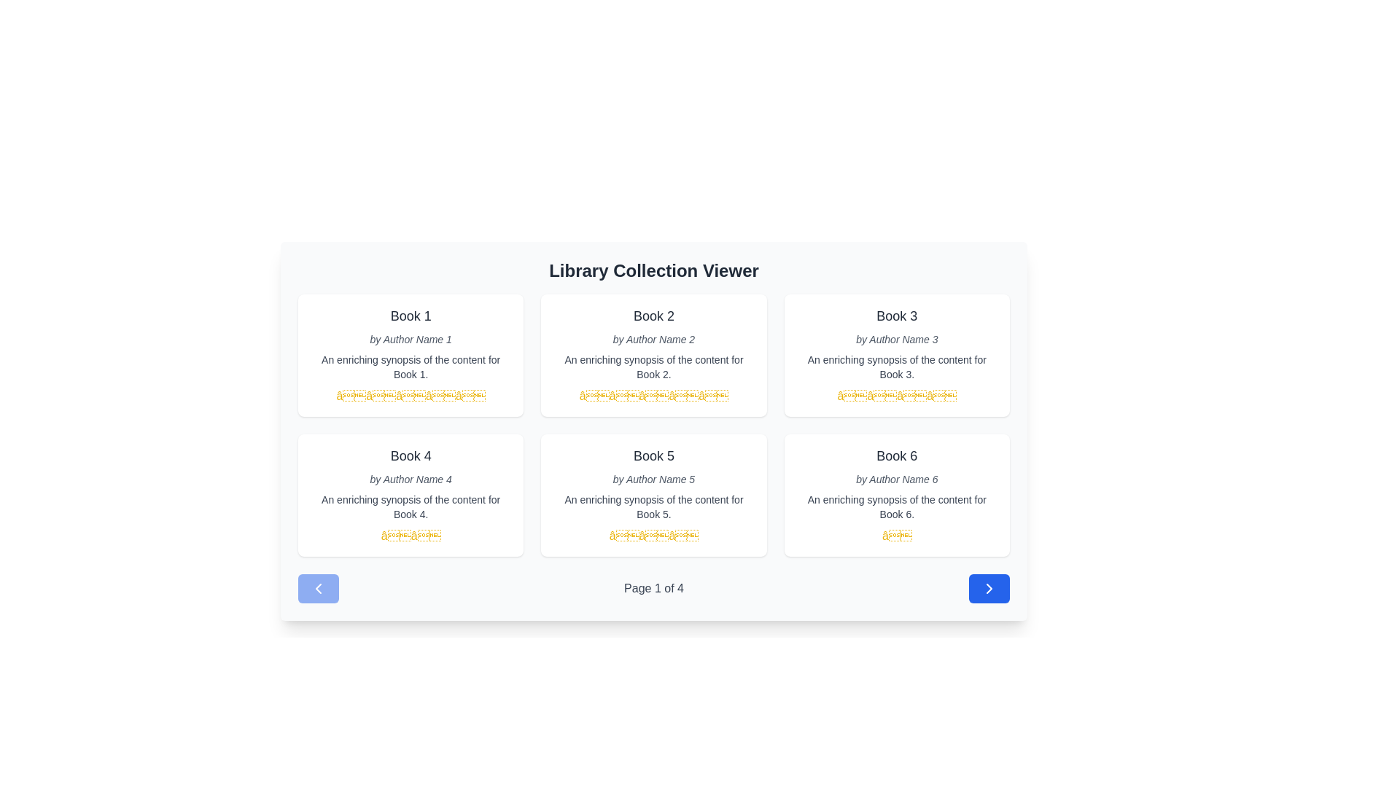 The image size is (1400, 787). I want to click on description of 'Book 1' located centrally below the title and author information, which provides a brief summary of the book's content, so click(410, 367).